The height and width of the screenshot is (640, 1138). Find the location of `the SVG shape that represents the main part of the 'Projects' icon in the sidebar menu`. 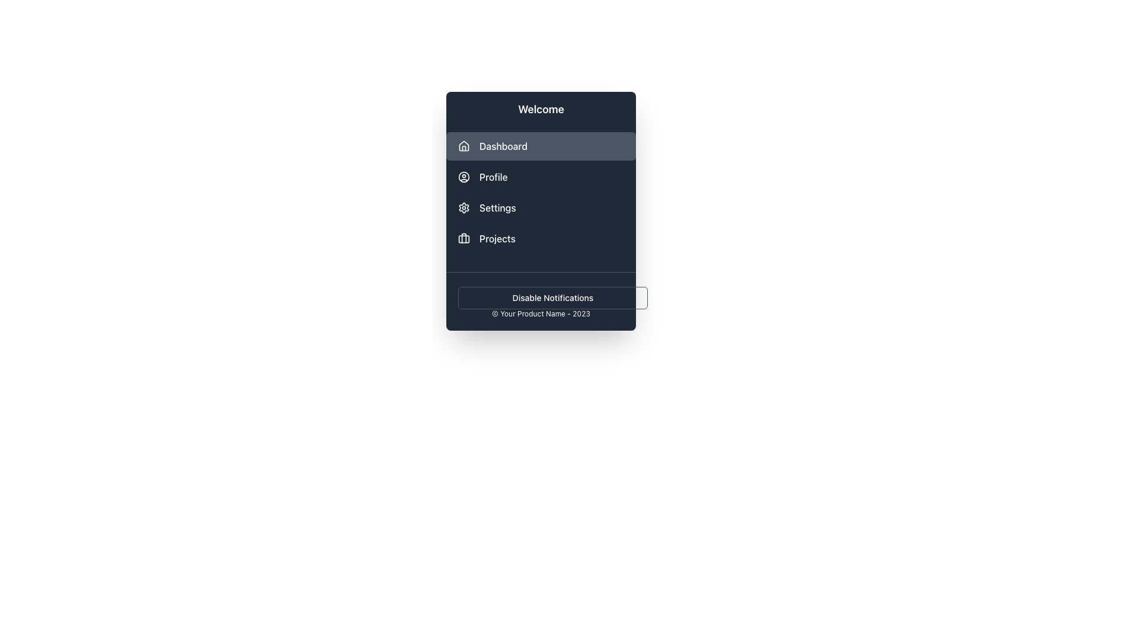

the SVG shape that represents the main part of the 'Projects' icon in the sidebar menu is located at coordinates (463, 238).